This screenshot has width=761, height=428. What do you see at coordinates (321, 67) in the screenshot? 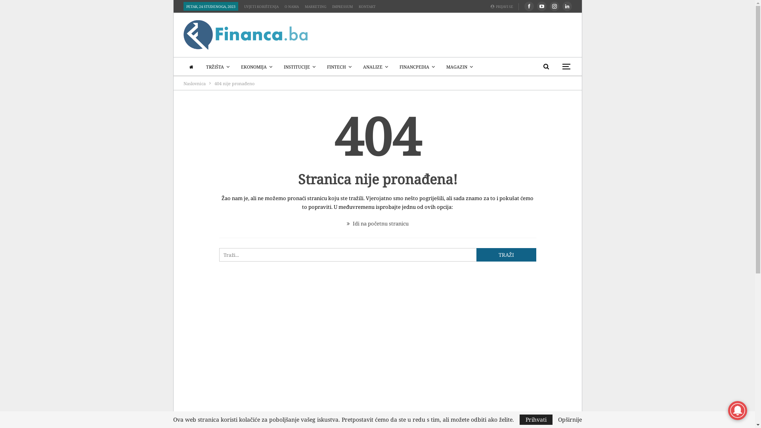
I see `'FINTECH'` at bounding box center [321, 67].